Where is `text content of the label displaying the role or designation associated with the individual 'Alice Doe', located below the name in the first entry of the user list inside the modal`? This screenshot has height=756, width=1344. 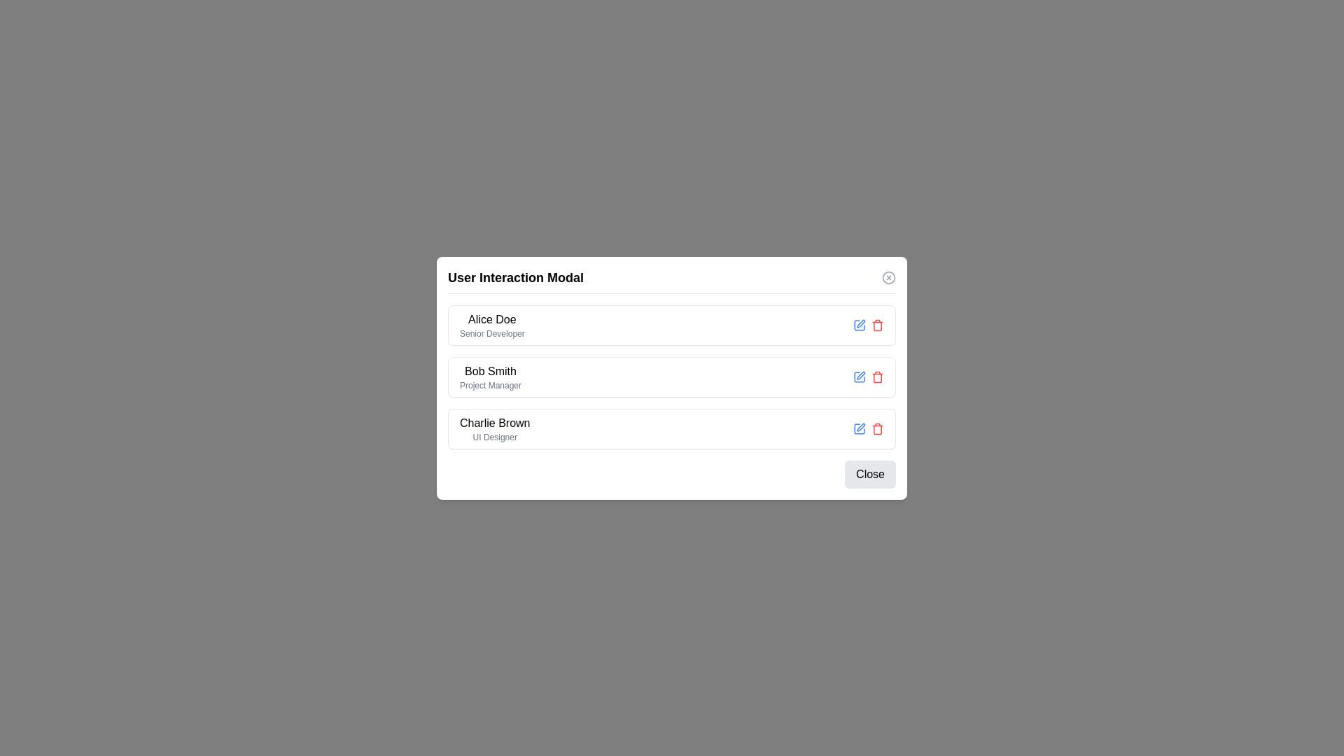
text content of the label displaying the role or designation associated with the individual 'Alice Doe', located below the name in the first entry of the user list inside the modal is located at coordinates (492, 333).